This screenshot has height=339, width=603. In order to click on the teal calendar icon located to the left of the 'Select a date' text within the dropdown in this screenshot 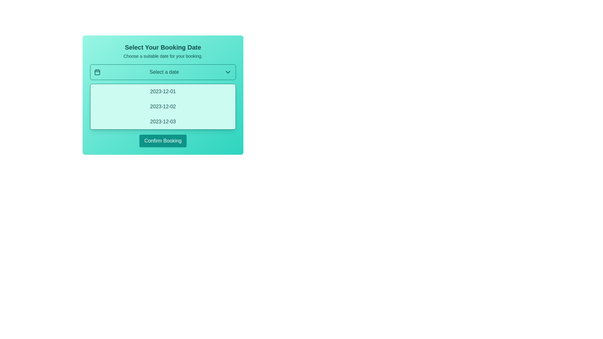, I will do `click(97, 72)`.